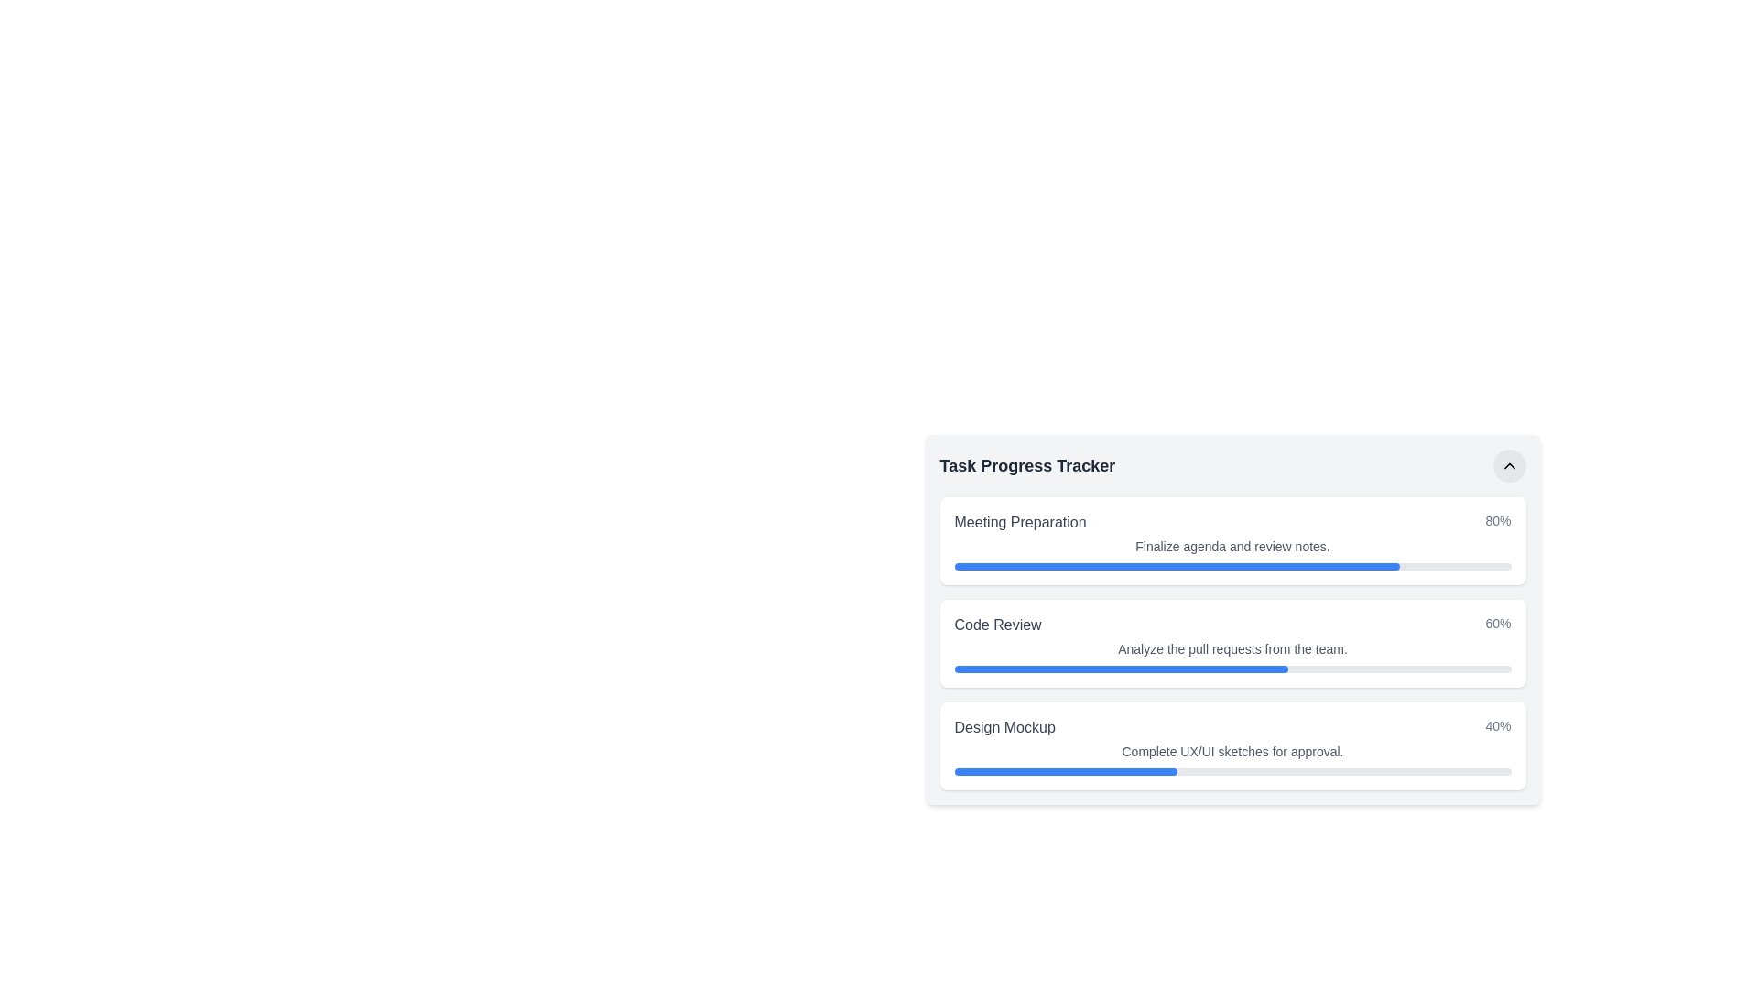 The width and height of the screenshot is (1758, 989). What do you see at coordinates (1232, 546) in the screenshot?
I see `the text block that displays 'Finalize agenda and review notes.' which is styled with small gray font and located directly below the 'Meeting Preparation' heading and its progress percentage within the task progress tracker interface` at bounding box center [1232, 546].